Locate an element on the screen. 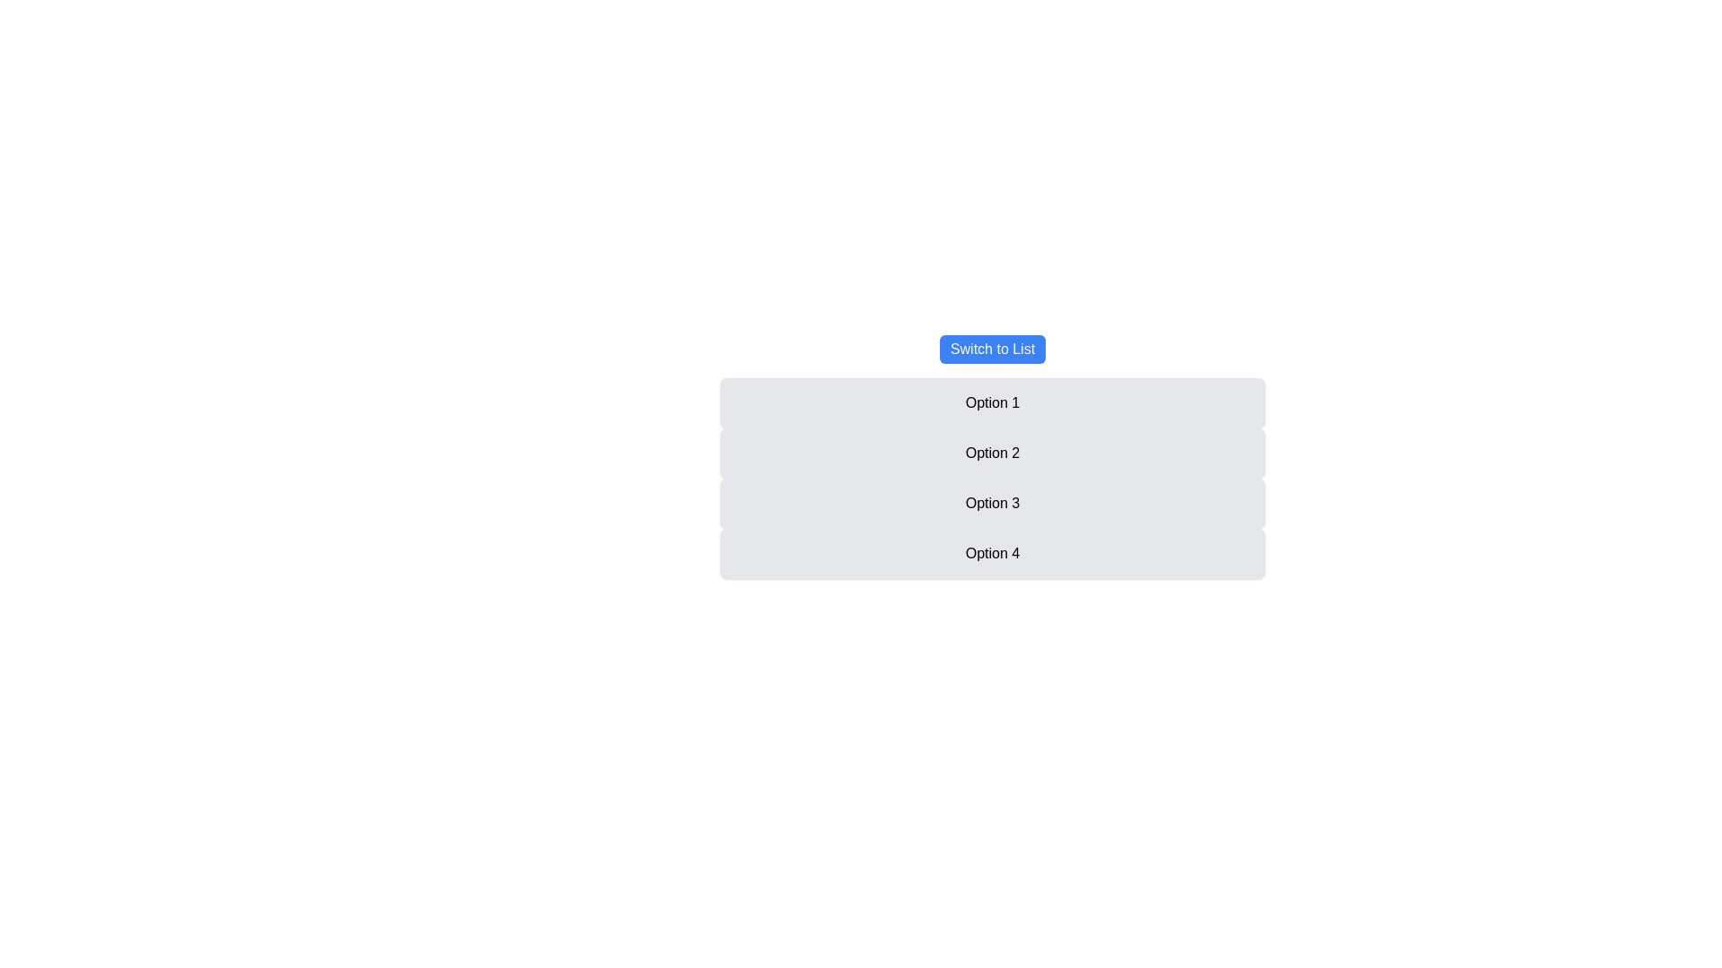  the second item in the vertically stacked list of options is located at coordinates (992, 477).